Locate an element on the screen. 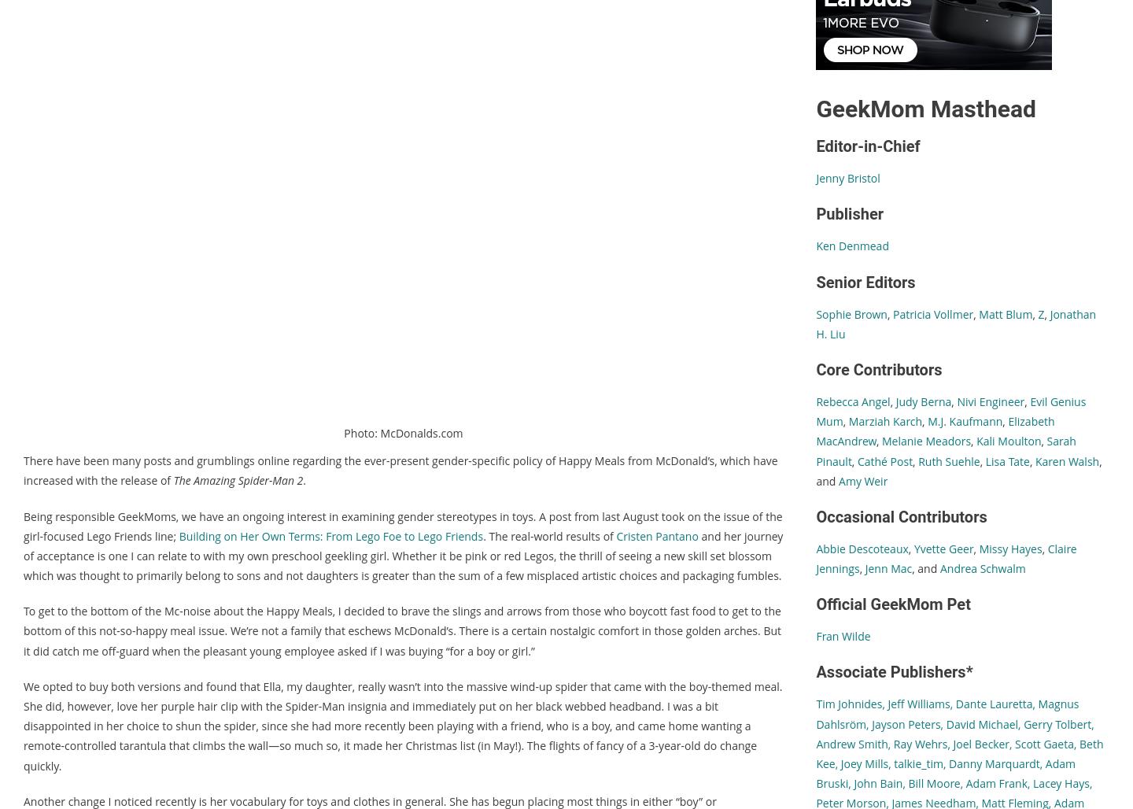 The width and height of the screenshot is (1133, 809). 'Claire Jennings' is located at coordinates (945, 557).